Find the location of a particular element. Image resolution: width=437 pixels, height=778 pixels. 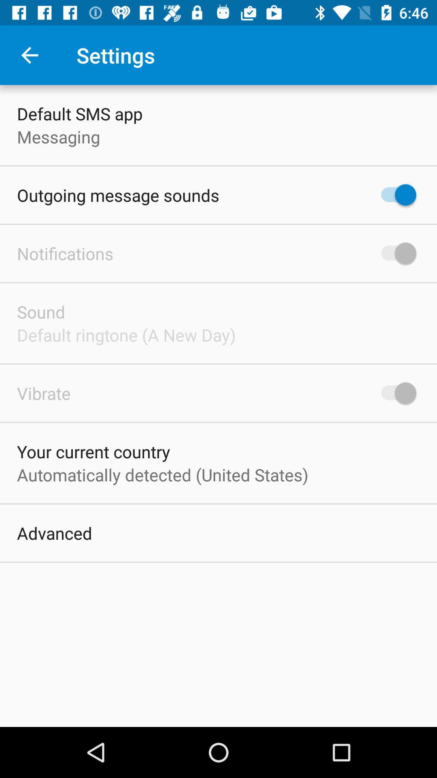

the icon above the vibrate icon is located at coordinates (126, 335).